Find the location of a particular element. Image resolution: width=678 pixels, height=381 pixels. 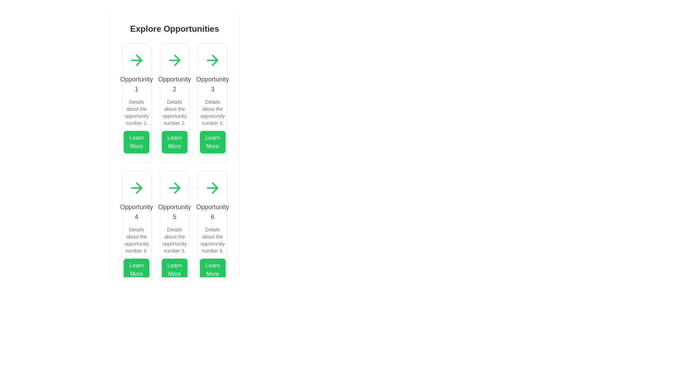

the static text header that displays 'Explore Opportunities', which is styled in bold and large font, located at the top of the section containing opportunity cards is located at coordinates (174, 28).